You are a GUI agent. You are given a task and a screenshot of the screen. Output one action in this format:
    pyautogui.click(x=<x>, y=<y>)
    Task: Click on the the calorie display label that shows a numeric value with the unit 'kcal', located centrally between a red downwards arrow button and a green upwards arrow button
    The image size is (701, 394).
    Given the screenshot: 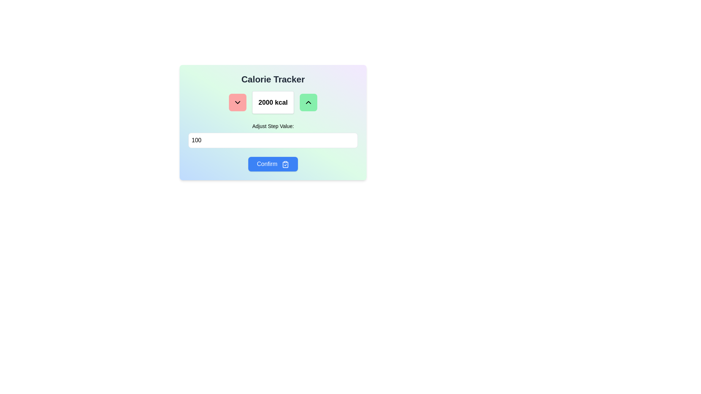 What is the action you would take?
    pyautogui.click(x=273, y=103)
    